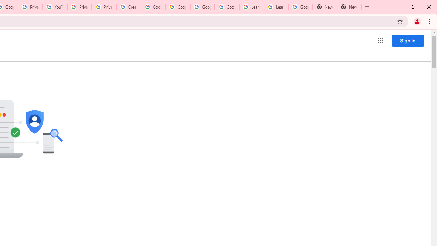 This screenshot has height=246, width=437. What do you see at coordinates (178, 7) in the screenshot?
I see `'Google Account Help'` at bounding box center [178, 7].